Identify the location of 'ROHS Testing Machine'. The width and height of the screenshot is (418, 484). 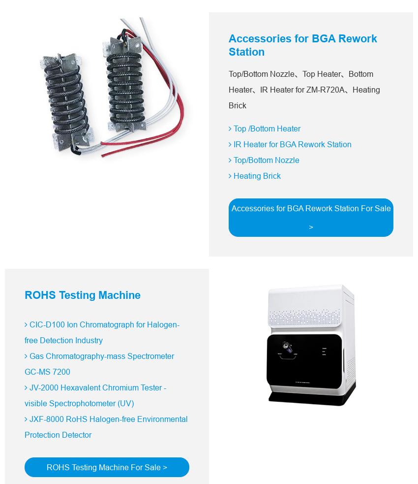
(82, 295).